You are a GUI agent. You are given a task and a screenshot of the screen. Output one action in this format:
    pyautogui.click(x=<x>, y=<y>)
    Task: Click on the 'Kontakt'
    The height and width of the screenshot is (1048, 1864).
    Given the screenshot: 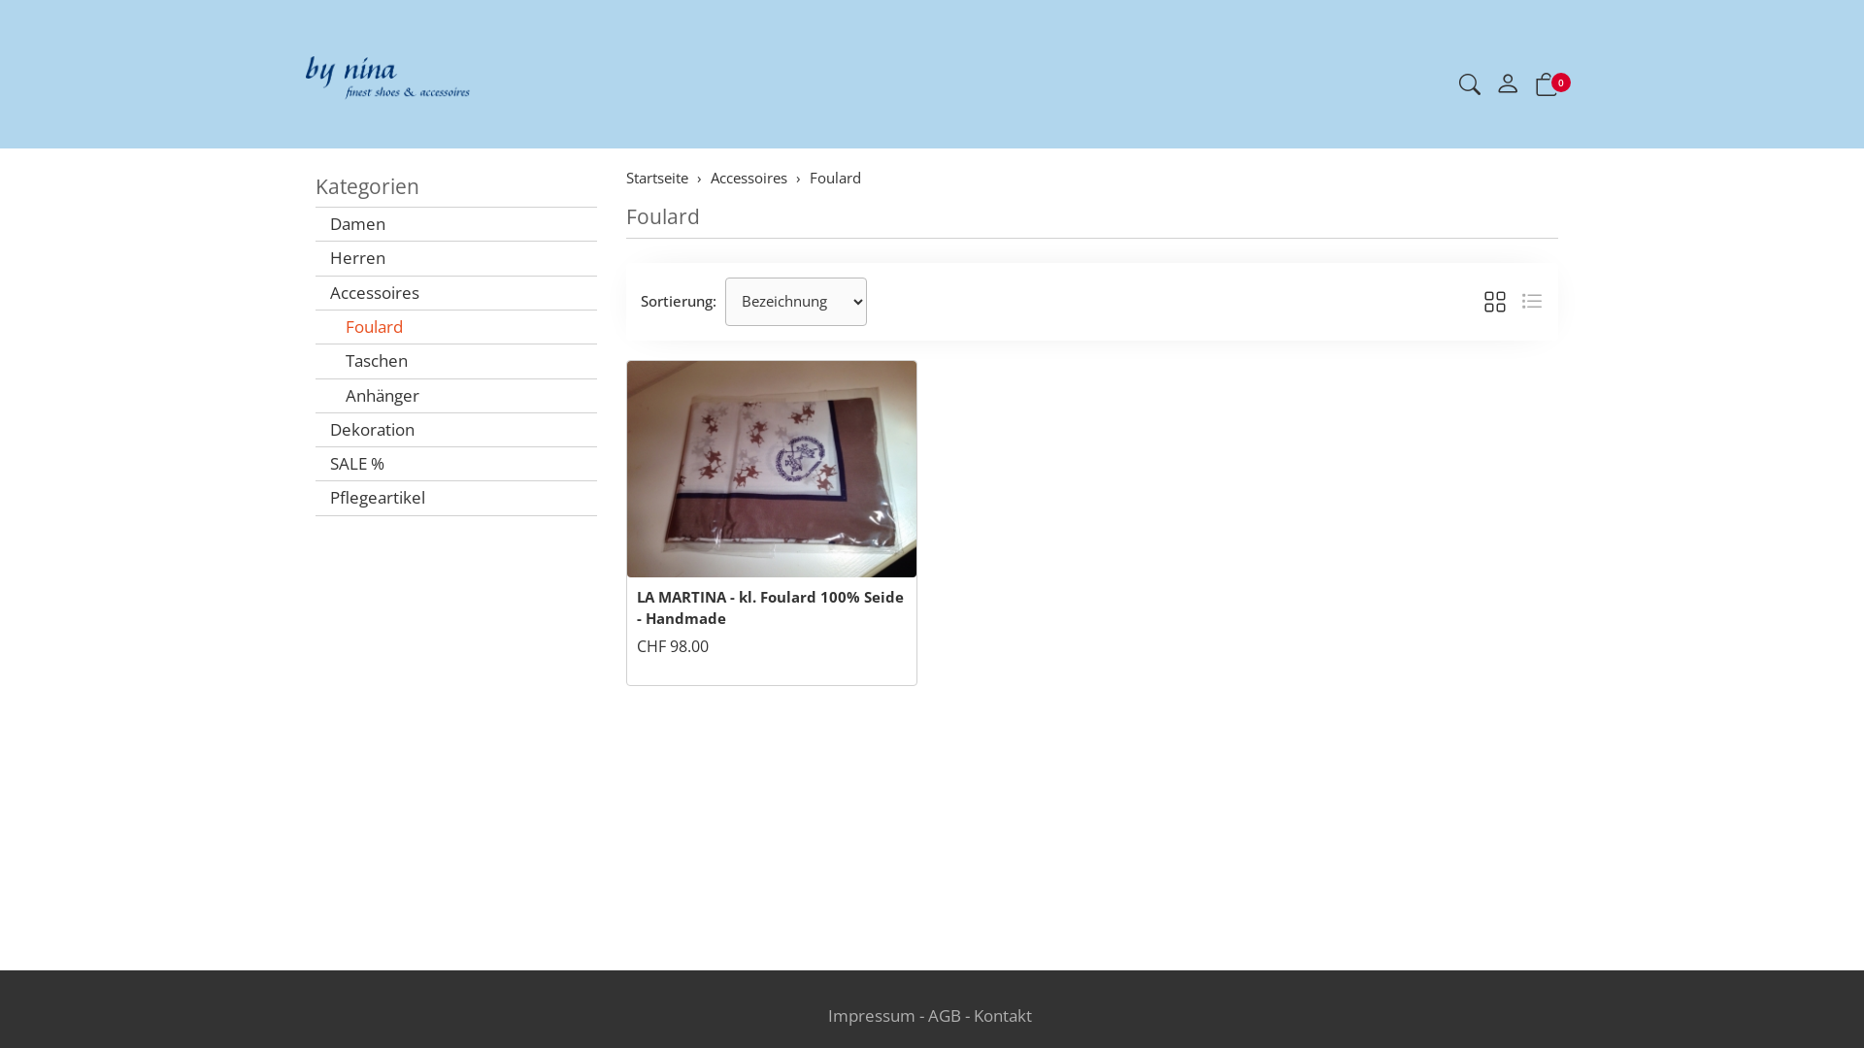 What is the action you would take?
    pyautogui.click(x=1002, y=1014)
    